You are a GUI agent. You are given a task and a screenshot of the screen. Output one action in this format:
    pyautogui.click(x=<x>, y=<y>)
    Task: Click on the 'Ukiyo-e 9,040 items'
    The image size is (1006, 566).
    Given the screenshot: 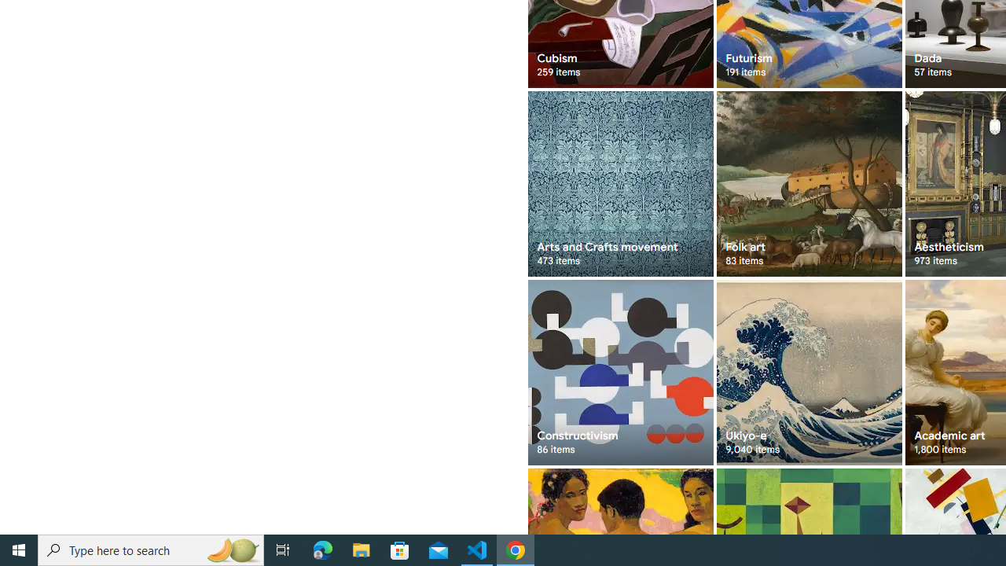 What is the action you would take?
    pyautogui.click(x=809, y=372)
    